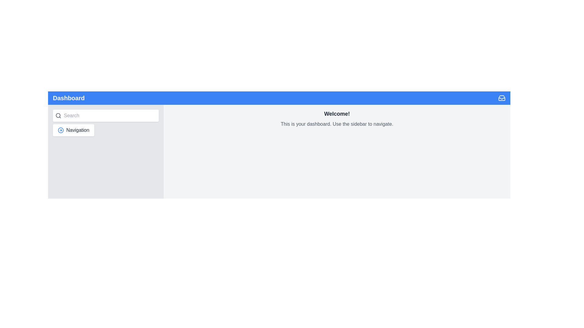 This screenshot has width=584, height=328. What do you see at coordinates (61, 130) in the screenshot?
I see `the navigational icon located within the 'Navigation' layout block` at bounding box center [61, 130].